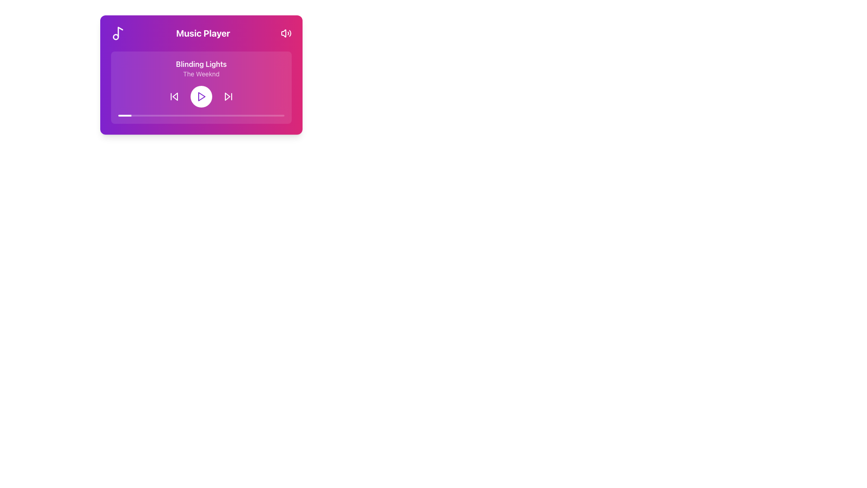 This screenshot has width=867, height=488. I want to click on the progress bar located at the bottom of the media player card, which visually represents the current playback position, so click(201, 115).